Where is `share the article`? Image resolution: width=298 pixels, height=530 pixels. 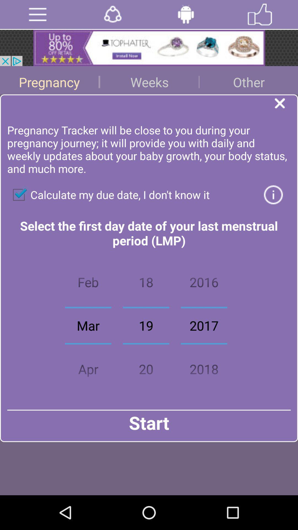
share the article is located at coordinates (149, 48).